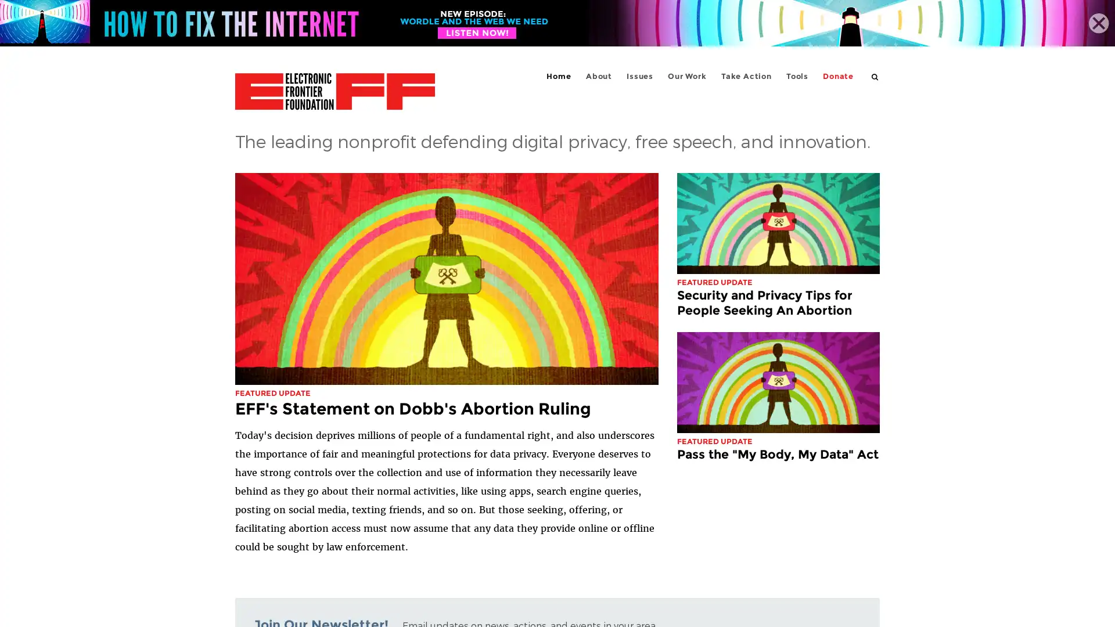 This screenshot has width=1115, height=627. Describe the element at coordinates (875, 76) in the screenshot. I see `search` at that location.